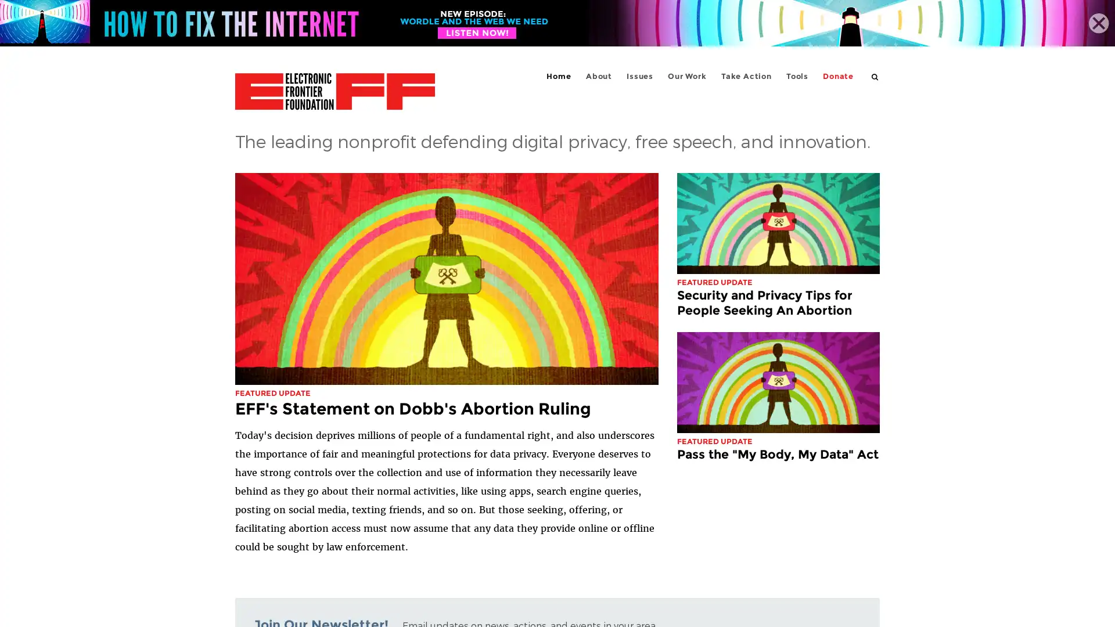 This screenshot has width=1115, height=627. Describe the element at coordinates (875, 76) in the screenshot. I see `search` at that location.